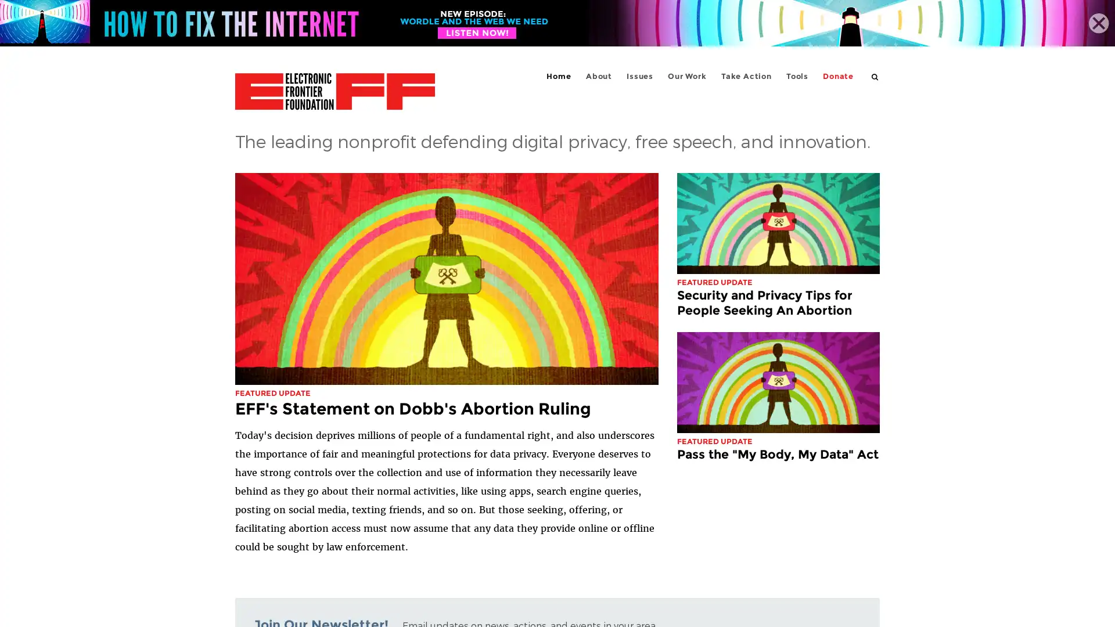 This screenshot has width=1115, height=627. Describe the element at coordinates (875, 76) in the screenshot. I see `search` at that location.